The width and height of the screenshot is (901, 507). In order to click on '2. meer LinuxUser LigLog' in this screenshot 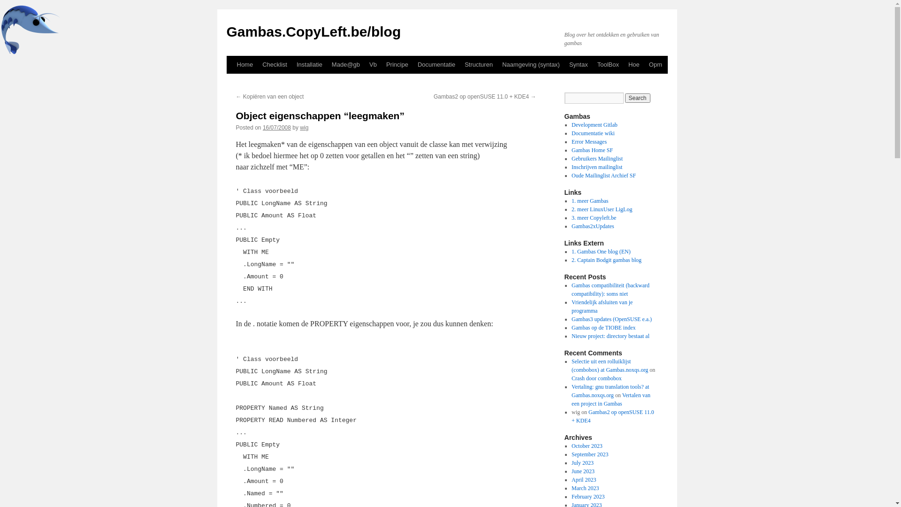, I will do `click(571, 209)`.